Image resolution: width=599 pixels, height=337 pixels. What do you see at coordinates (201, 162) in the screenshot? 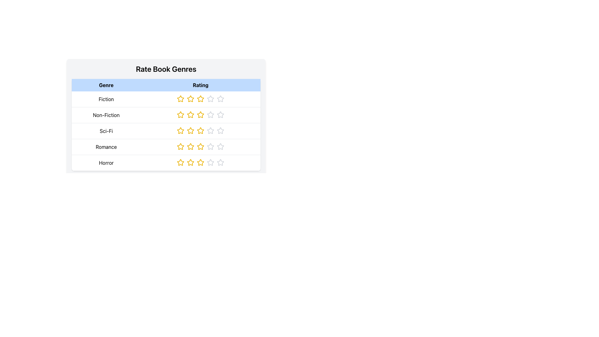
I see `the third rating star for the 'Horror' genre` at bounding box center [201, 162].